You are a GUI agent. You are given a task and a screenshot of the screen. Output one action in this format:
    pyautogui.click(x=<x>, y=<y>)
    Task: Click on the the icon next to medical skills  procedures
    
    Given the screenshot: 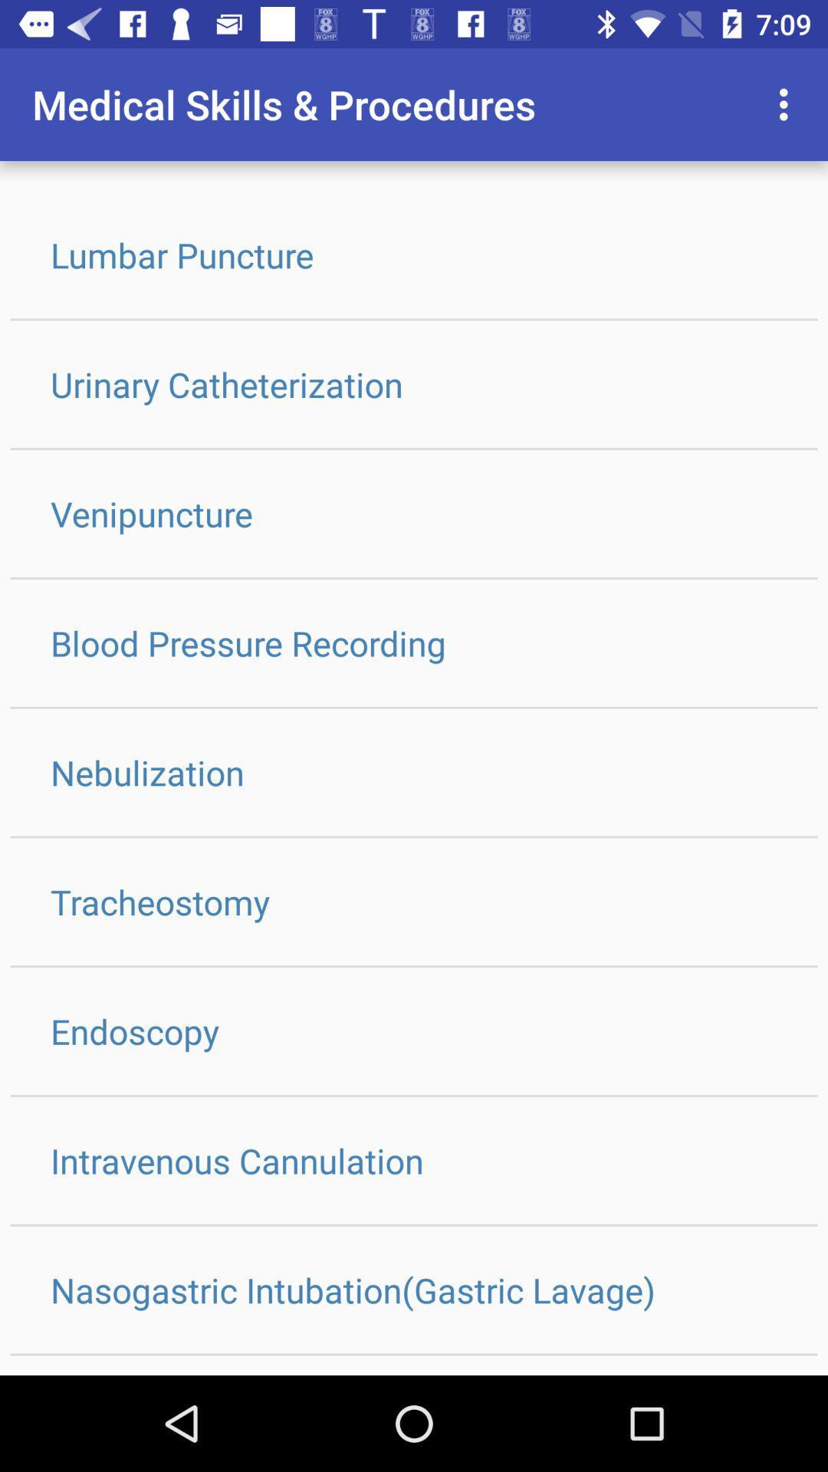 What is the action you would take?
    pyautogui.click(x=787, y=104)
    